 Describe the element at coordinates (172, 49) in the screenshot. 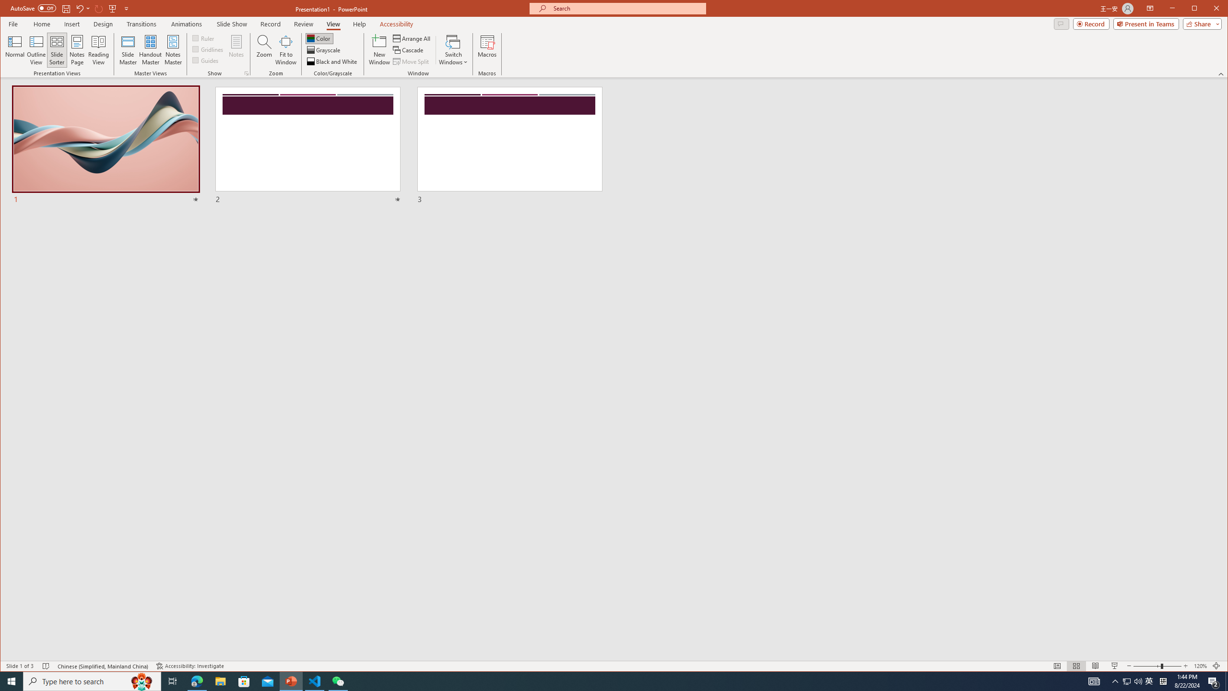

I see `'Notes Master'` at that location.